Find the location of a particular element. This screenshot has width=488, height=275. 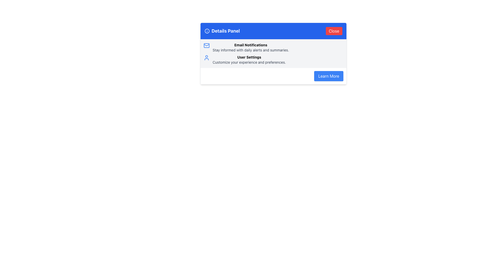

the white rounded rectangle icon located at the top-left region of the email icon in the 'Email Notifications' section is located at coordinates (206, 45).